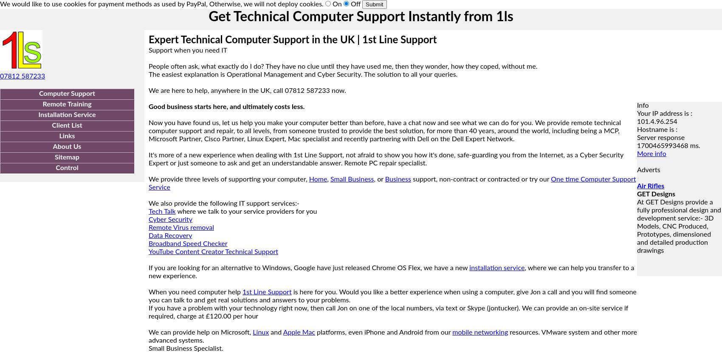  I want to click on ', where we can help you transfer to a new experience.', so click(148, 271).